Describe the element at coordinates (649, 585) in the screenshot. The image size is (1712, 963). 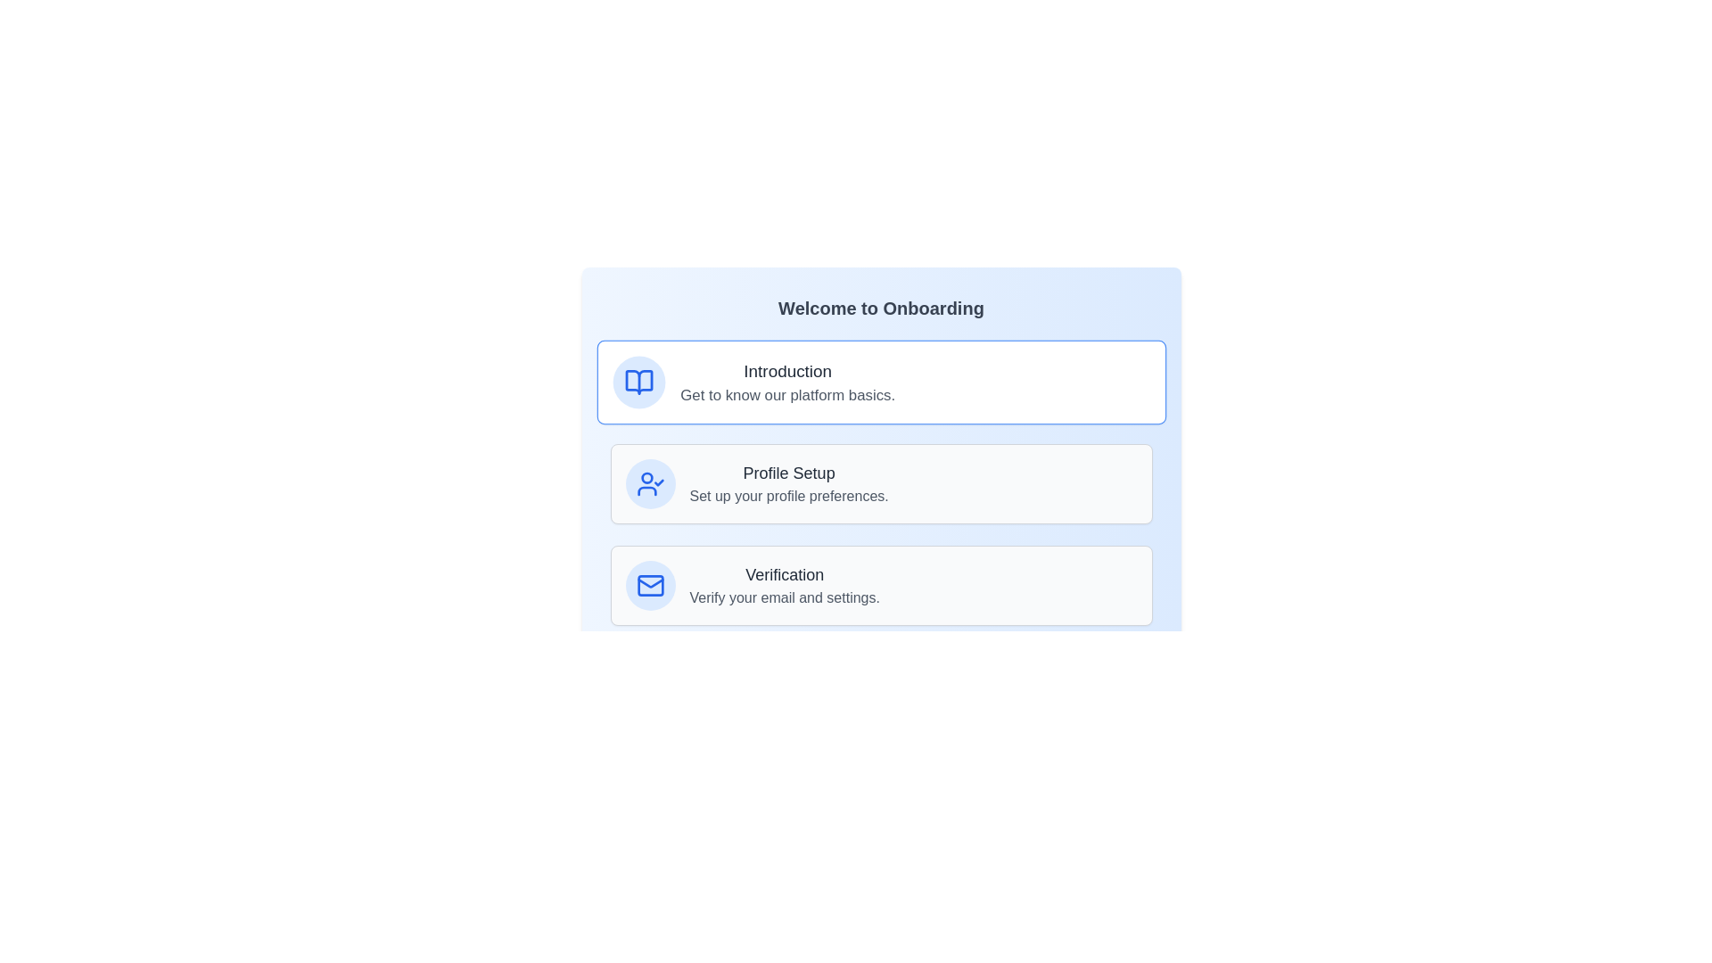
I see `the 'Verification' onboarding step icon, located at the top left next to the title 'Verification' and description 'Verify your email and settings.'` at that location.